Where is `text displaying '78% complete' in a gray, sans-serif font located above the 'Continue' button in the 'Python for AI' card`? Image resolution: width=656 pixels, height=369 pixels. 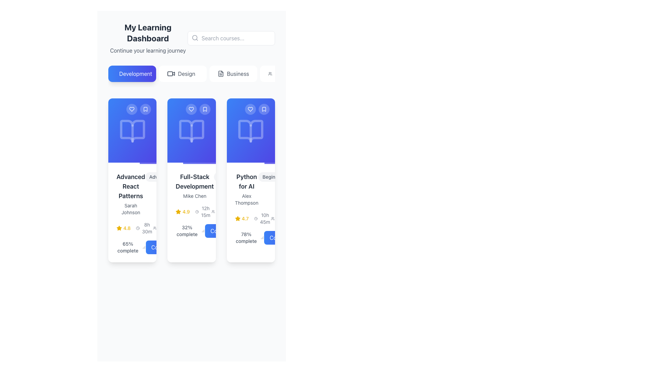
text displaying '78% complete' in a gray, sans-serif font located above the 'Continue' button in the 'Python for AI' card is located at coordinates (249, 237).